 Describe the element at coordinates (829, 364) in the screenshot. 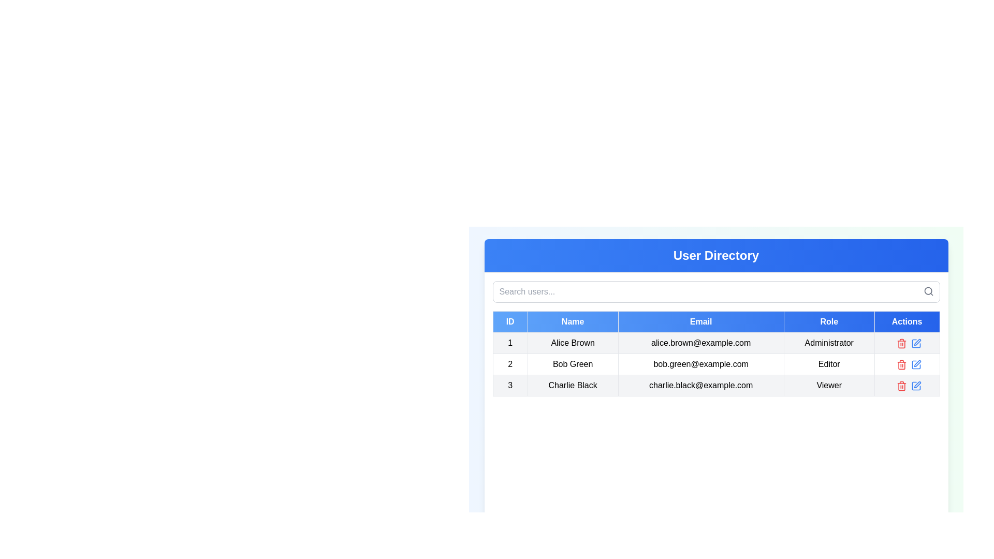

I see `the 'Editor' status label for the user 'Bob Green' located in the 'Role' column of the second row in the directory table` at that location.